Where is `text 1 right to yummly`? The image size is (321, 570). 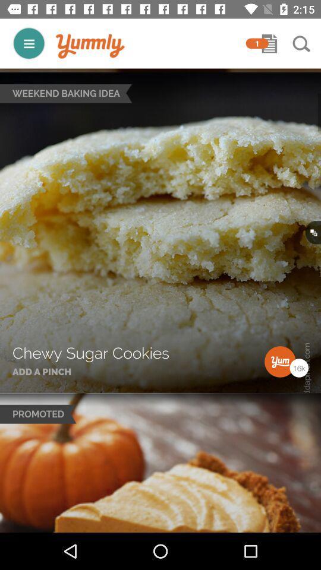 text 1 right to yummly is located at coordinates (257, 43).